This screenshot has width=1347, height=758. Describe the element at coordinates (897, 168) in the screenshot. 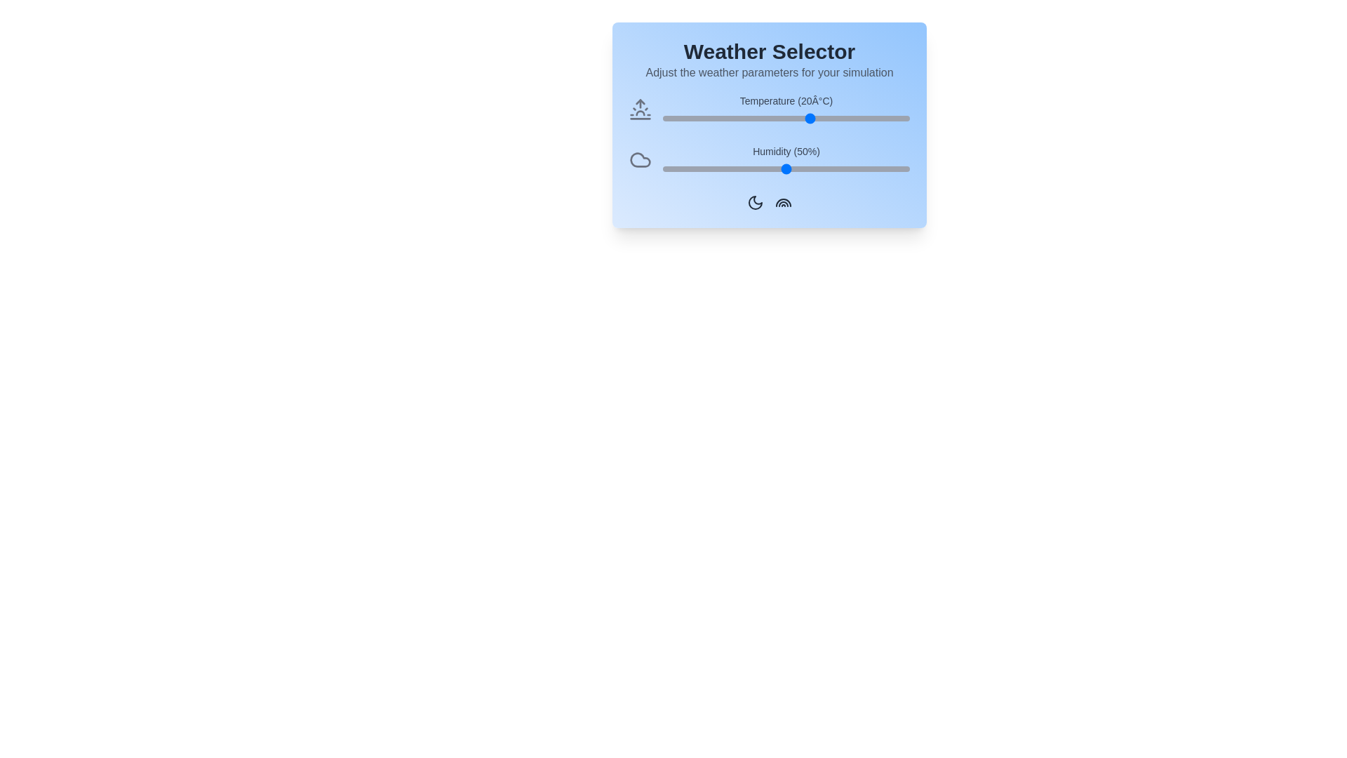

I see `the humidity slider to 95%` at that location.